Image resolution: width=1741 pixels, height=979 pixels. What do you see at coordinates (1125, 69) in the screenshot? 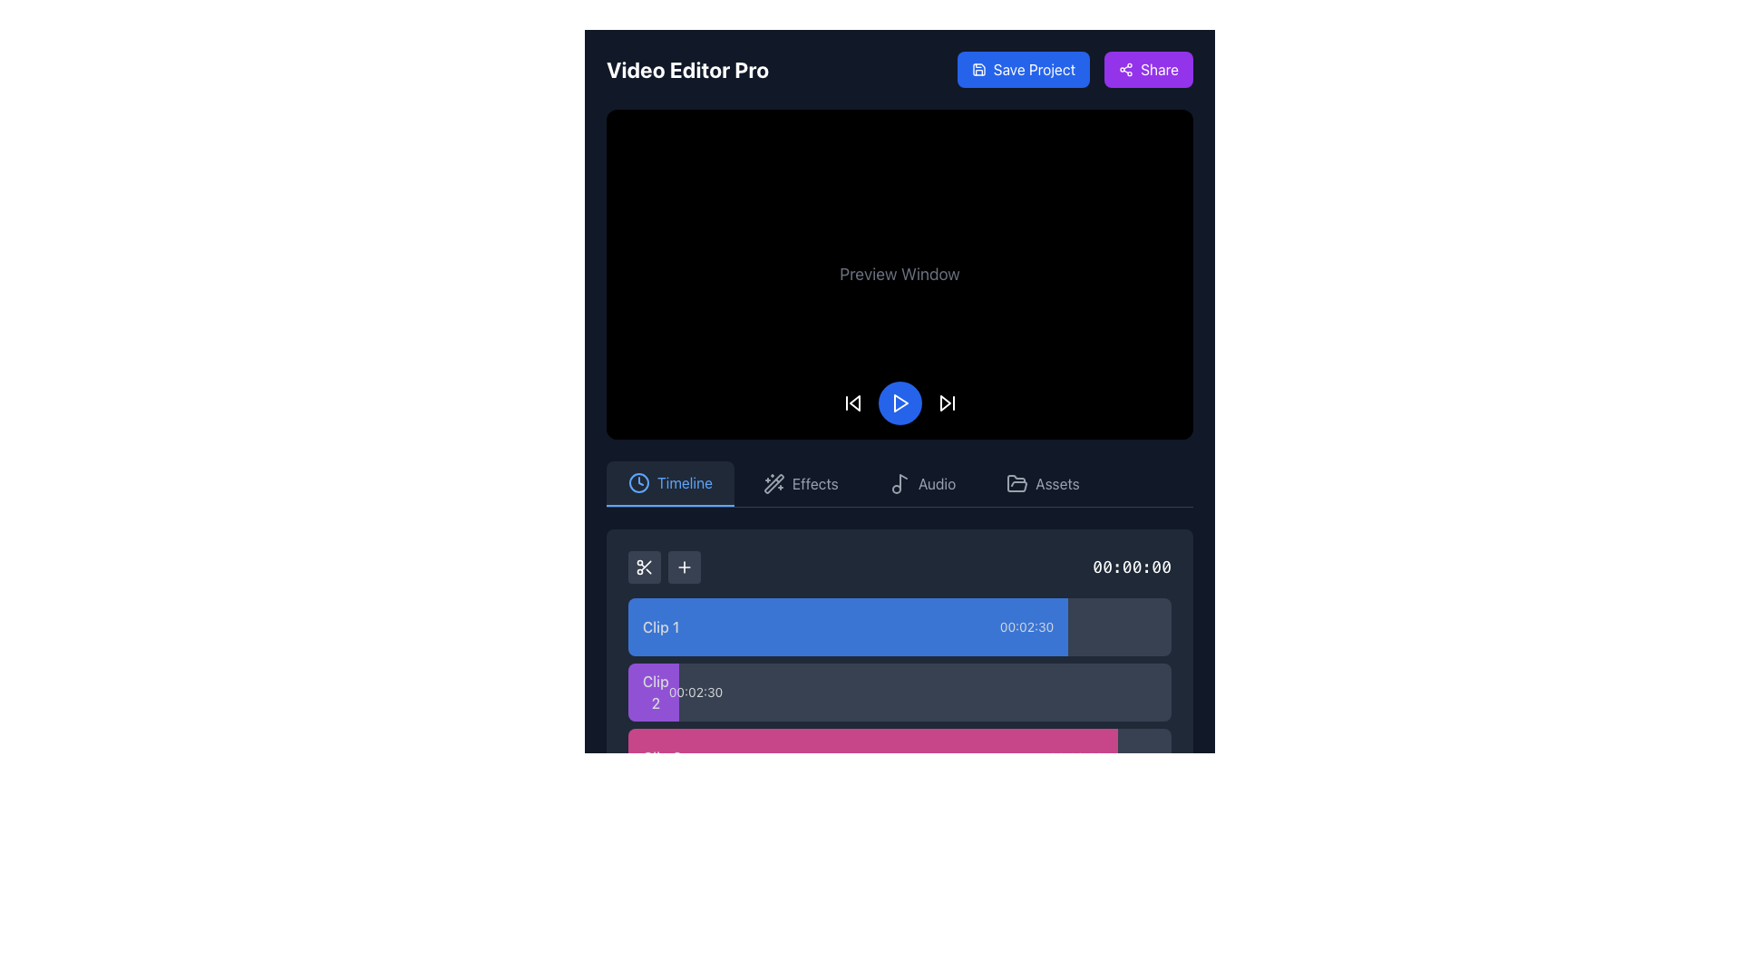
I see `the sharing icon located within the rounded rectangle button labeled 'Share' at the top-right corner of the application interface, positioned to the left of the text 'Share'` at bounding box center [1125, 69].